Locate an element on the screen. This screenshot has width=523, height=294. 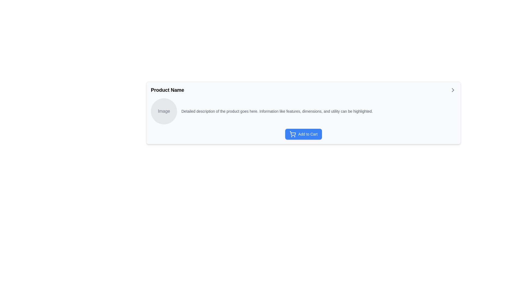
the Chevron icon located at the far right of the product header is located at coordinates (453, 90).